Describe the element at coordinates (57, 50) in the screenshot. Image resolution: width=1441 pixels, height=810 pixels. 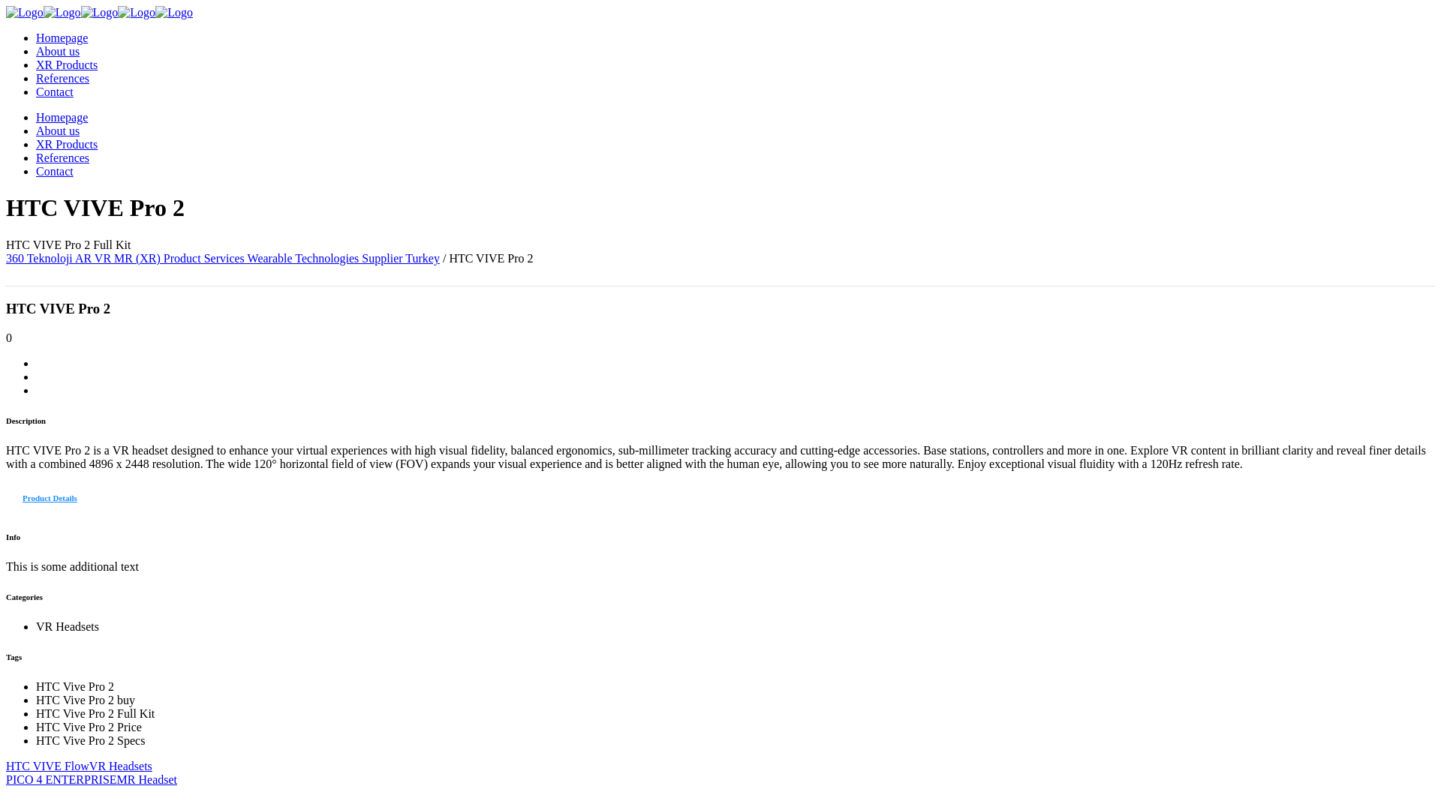
I see `'About us'` at that location.